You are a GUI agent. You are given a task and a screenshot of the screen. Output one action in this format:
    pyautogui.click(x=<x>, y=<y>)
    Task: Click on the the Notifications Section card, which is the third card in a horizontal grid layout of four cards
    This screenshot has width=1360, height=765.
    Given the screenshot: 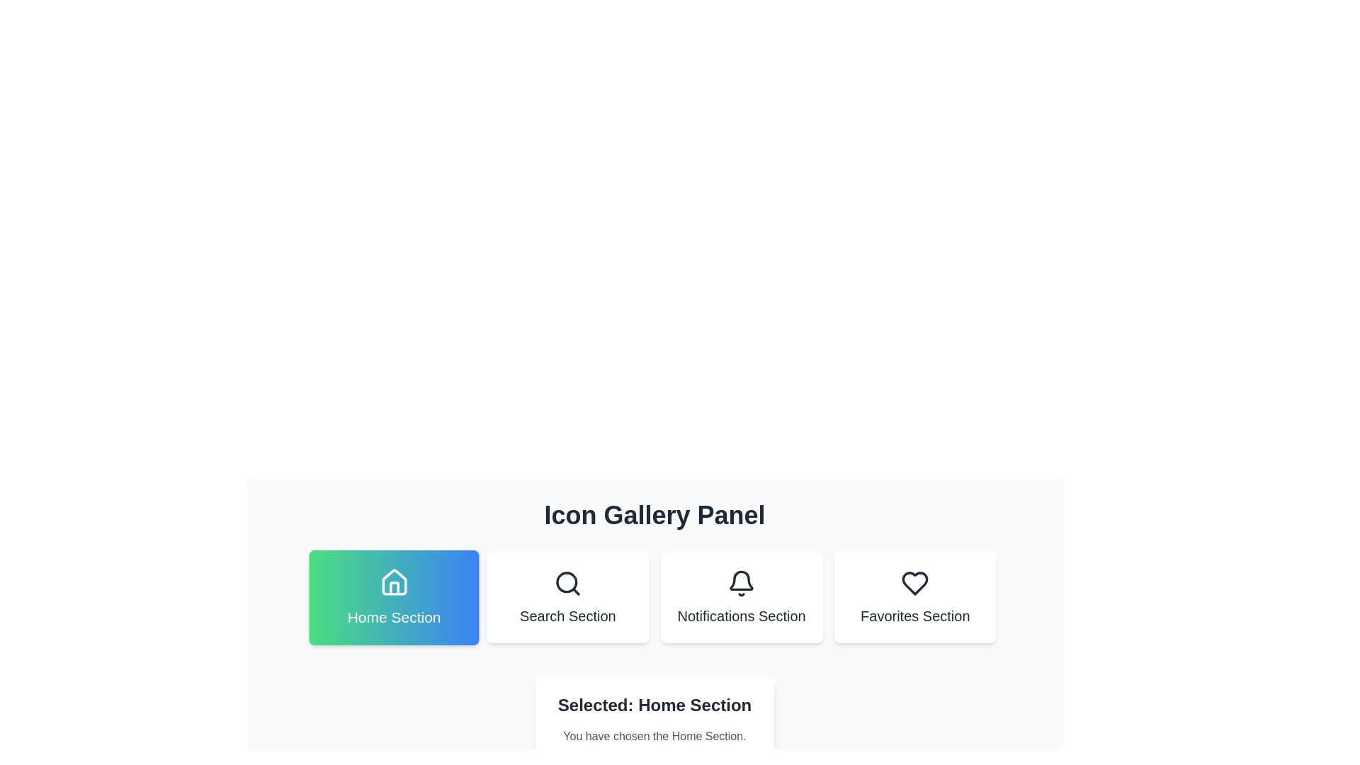 What is the action you would take?
    pyautogui.click(x=741, y=598)
    